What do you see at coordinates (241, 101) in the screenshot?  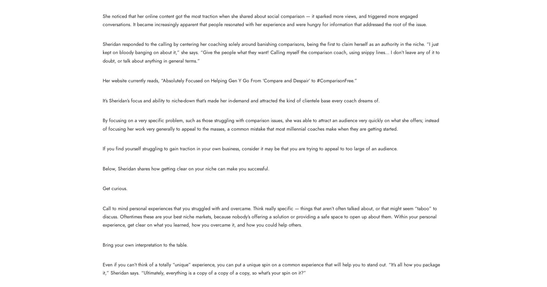 I see `'It’s Sheridan’s focus and ability to niche-down that’s made her in-demand and attracted the kind of clientele base every coach dreams of.'` at bounding box center [241, 101].